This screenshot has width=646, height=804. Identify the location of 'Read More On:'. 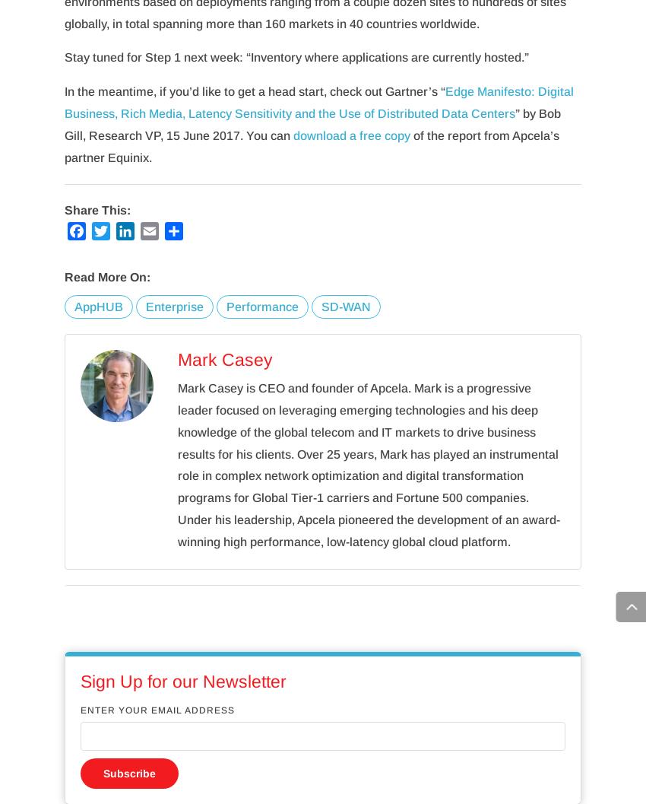
(107, 277).